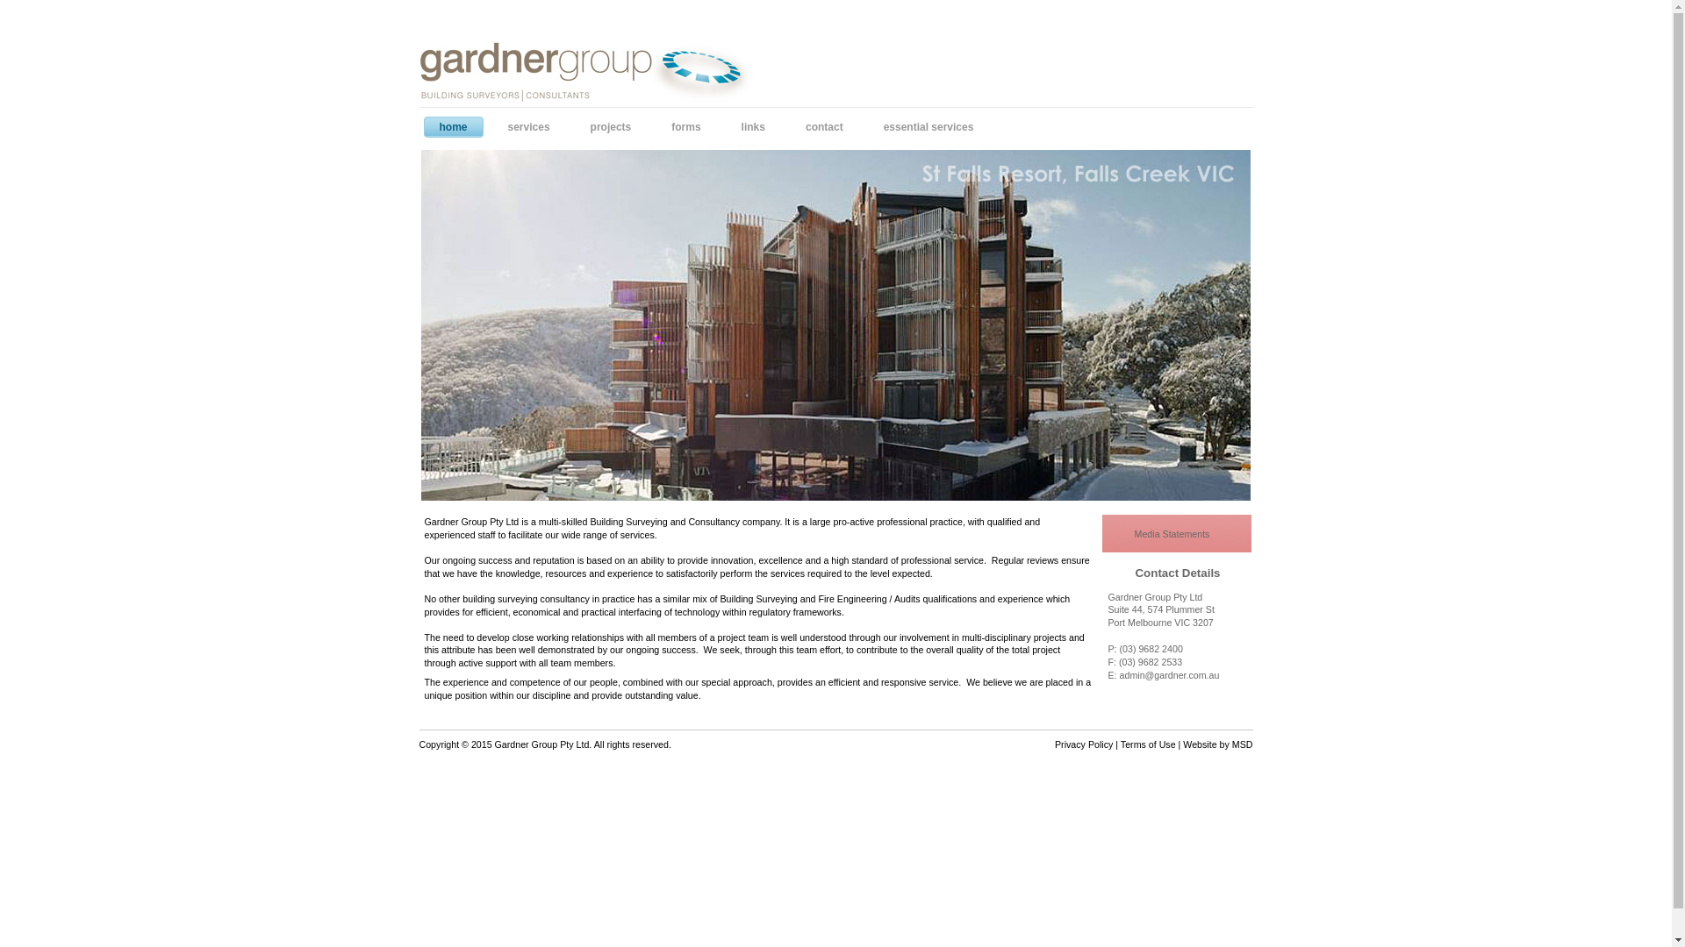 Image resolution: width=1685 pixels, height=947 pixels. What do you see at coordinates (533, 127) in the screenshot?
I see `'services'` at bounding box center [533, 127].